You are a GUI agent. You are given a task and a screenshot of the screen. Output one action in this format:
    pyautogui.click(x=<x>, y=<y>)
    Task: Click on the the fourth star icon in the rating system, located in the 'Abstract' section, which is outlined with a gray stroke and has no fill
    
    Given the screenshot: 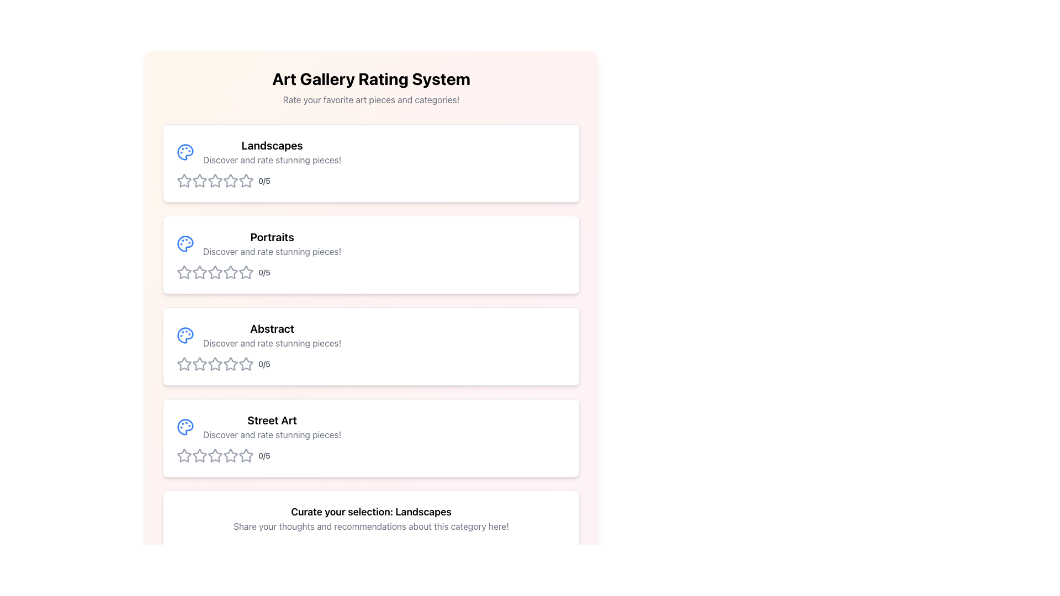 What is the action you would take?
    pyautogui.click(x=230, y=364)
    